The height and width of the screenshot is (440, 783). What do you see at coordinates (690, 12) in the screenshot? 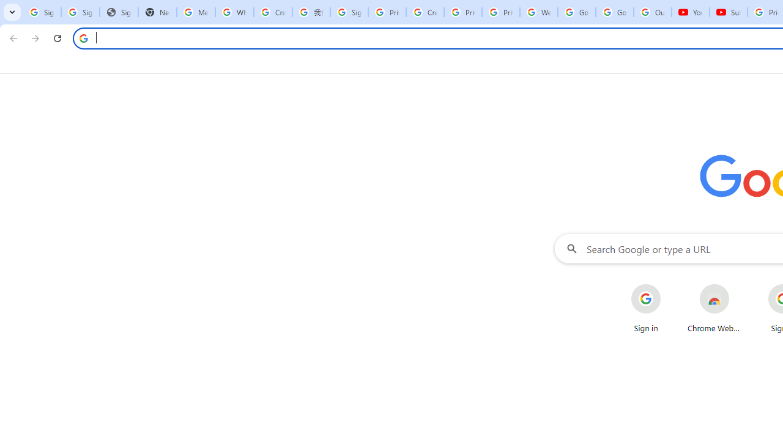
I see `'YouTube'` at bounding box center [690, 12].